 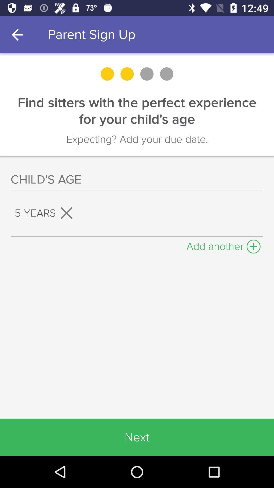 What do you see at coordinates (137, 437) in the screenshot?
I see `the icon below the add another` at bounding box center [137, 437].